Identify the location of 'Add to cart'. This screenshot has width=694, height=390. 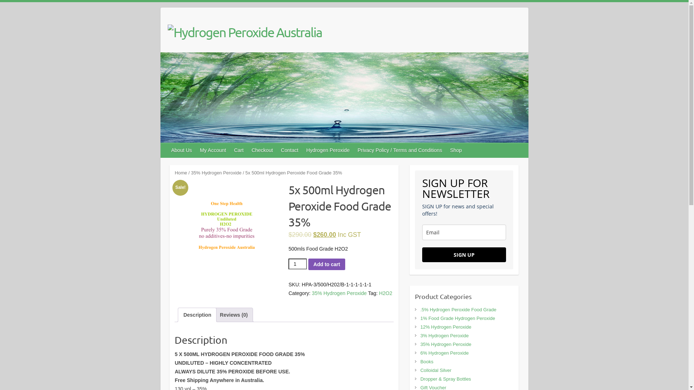
(326, 264).